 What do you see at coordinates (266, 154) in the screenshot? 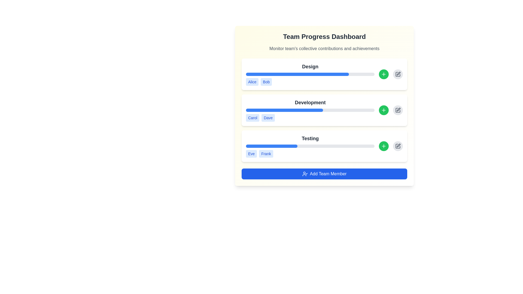
I see `the second badge labeled 'Frank' with a light blue background and bold blue text, positioned under the 'Testing' section` at bounding box center [266, 154].